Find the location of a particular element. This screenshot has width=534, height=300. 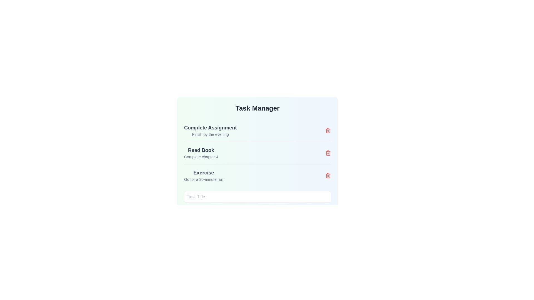

the circular button with a plus sign in the center, which is part of the 'Add Task' button is located at coordinates (248, 229).